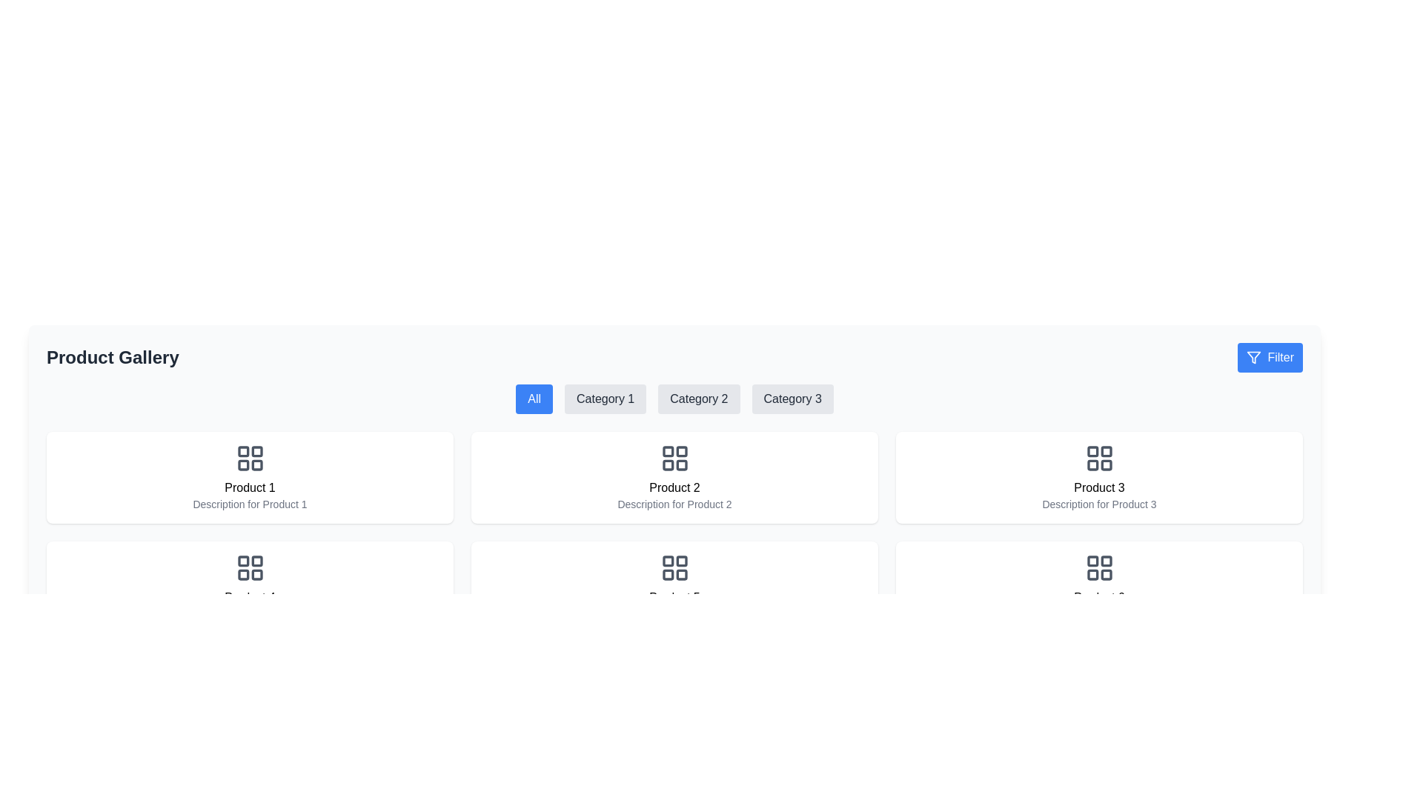 This screenshot has height=800, width=1423. What do you see at coordinates (680, 450) in the screenshot?
I see `the visual state of the top-right square within the 2x2 grid icon representing 'Product 2'` at bounding box center [680, 450].